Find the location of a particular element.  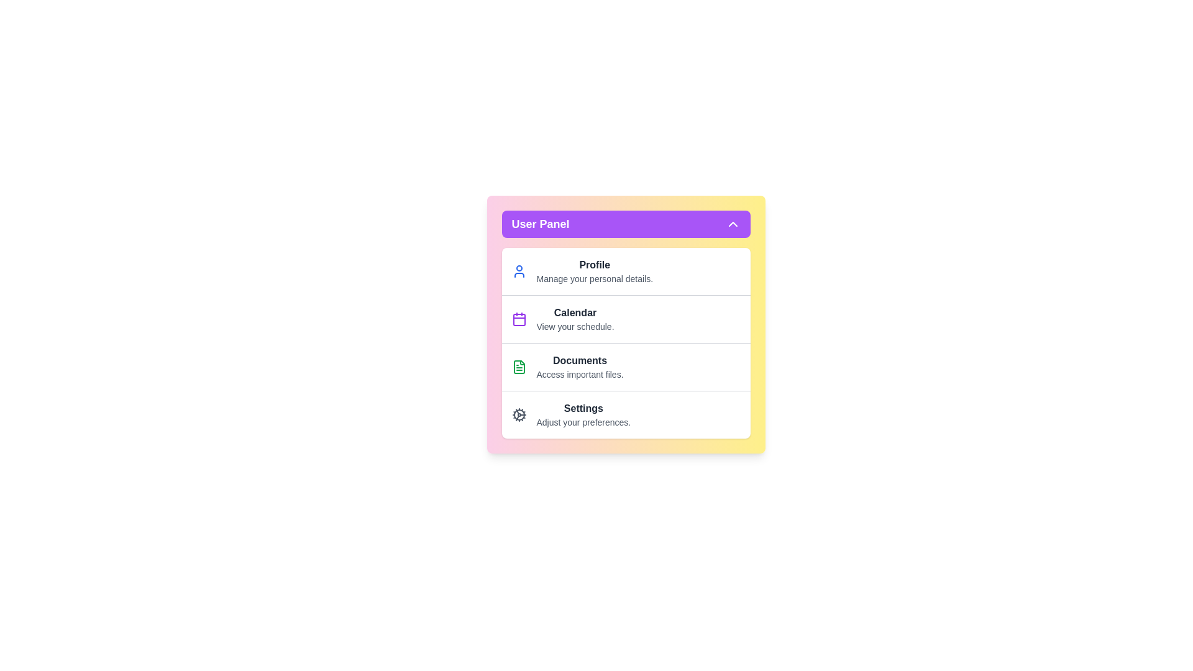

the 'Settings' text label that displays in bold, dark gray, emphasizing its role as a section header within the user panel is located at coordinates (583, 409).